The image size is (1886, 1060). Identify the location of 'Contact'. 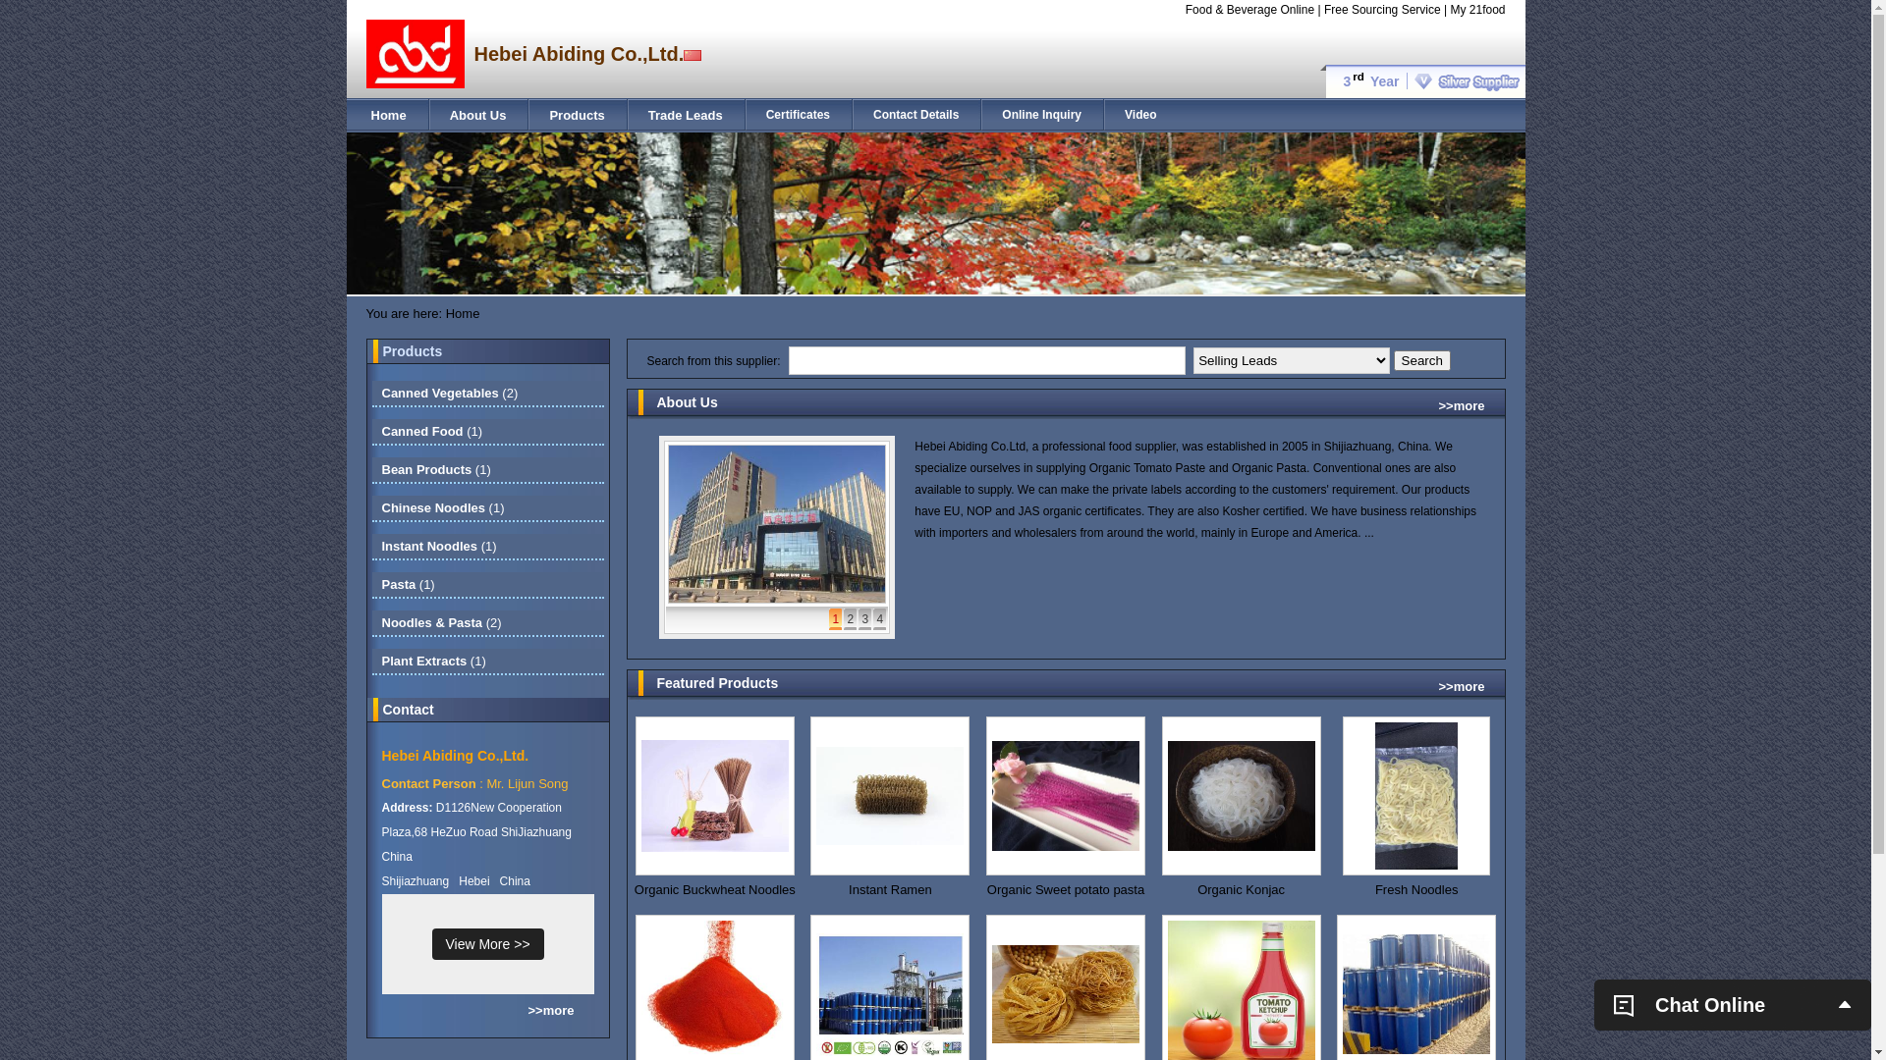
(408, 709).